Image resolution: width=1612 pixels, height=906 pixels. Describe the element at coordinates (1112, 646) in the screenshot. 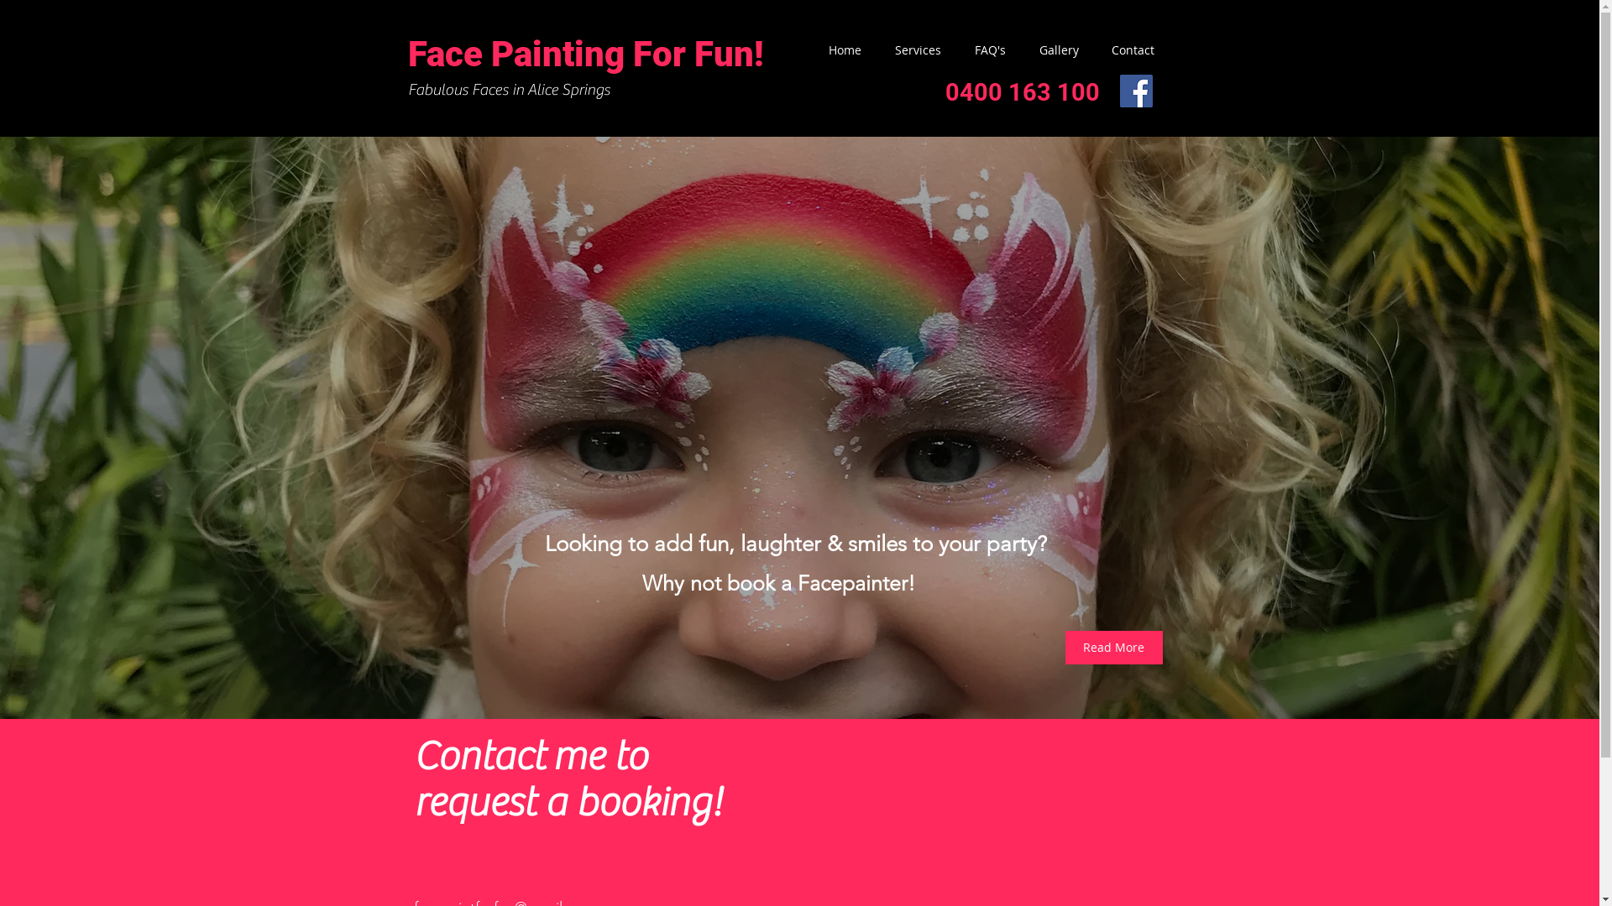

I see `'Read More'` at that location.